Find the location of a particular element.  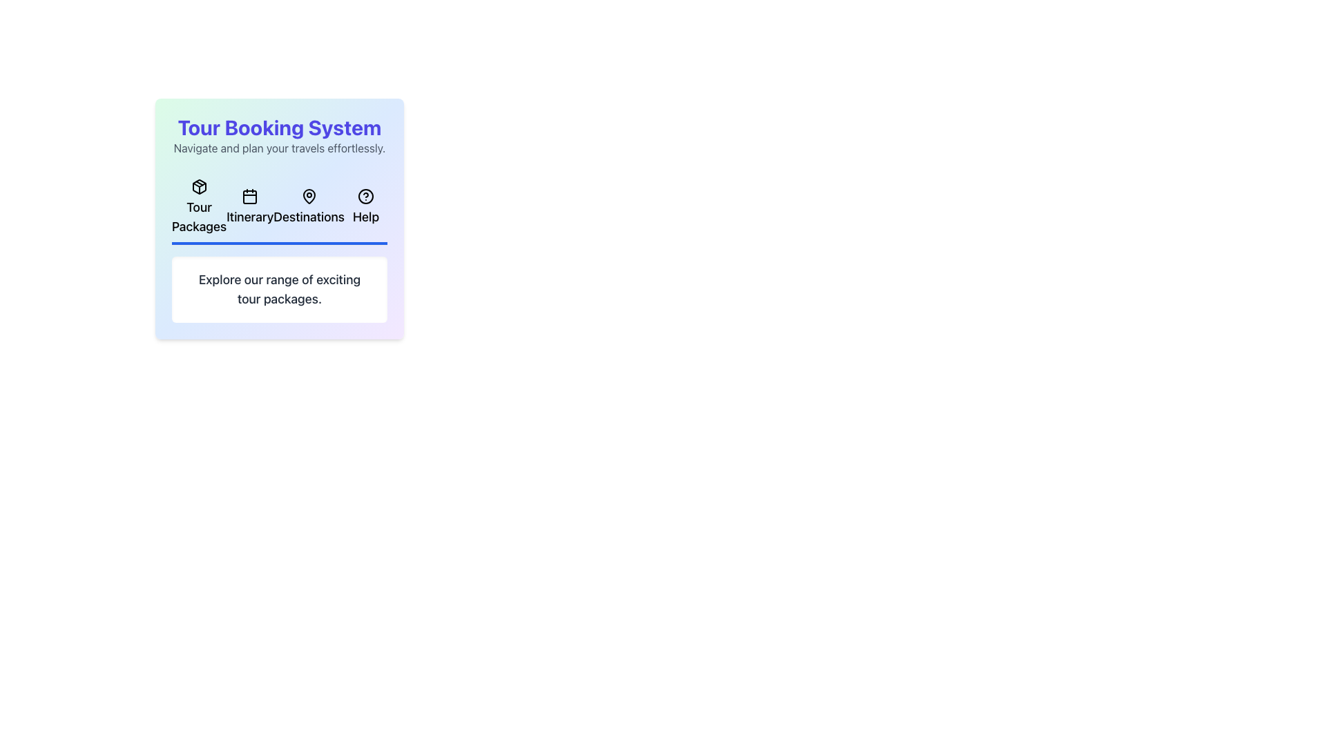

the outer circular portion of the 'Help' icon, which is represented as a vector graphic (SVG) with a question mark inside it, located at the far-right end of the horizontal row of icons is located at coordinates (365, 197).